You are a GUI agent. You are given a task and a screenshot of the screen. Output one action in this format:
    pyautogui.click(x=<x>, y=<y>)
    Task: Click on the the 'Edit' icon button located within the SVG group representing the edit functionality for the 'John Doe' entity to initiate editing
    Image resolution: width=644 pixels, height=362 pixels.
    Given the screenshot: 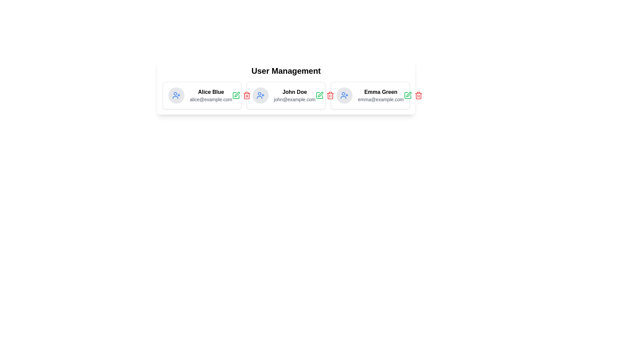 What is the action you would take?
    pyautogui.click(x=319, y=96)
    